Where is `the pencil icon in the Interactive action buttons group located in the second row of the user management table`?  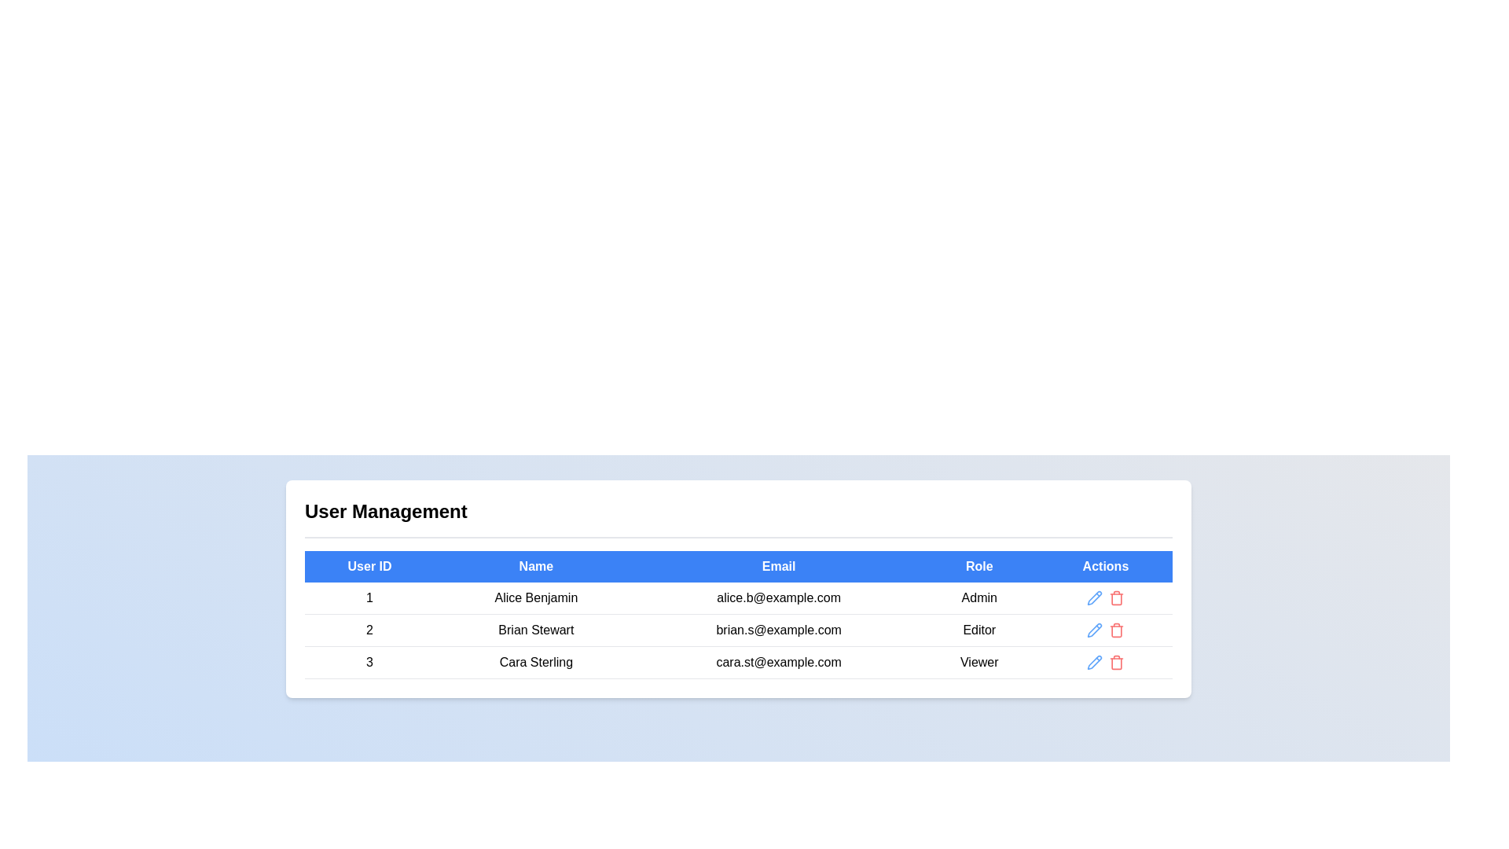
the pencil icon in the Interactive action buttons group located in the second row of the user management table is located at coordinates (1104, 630).